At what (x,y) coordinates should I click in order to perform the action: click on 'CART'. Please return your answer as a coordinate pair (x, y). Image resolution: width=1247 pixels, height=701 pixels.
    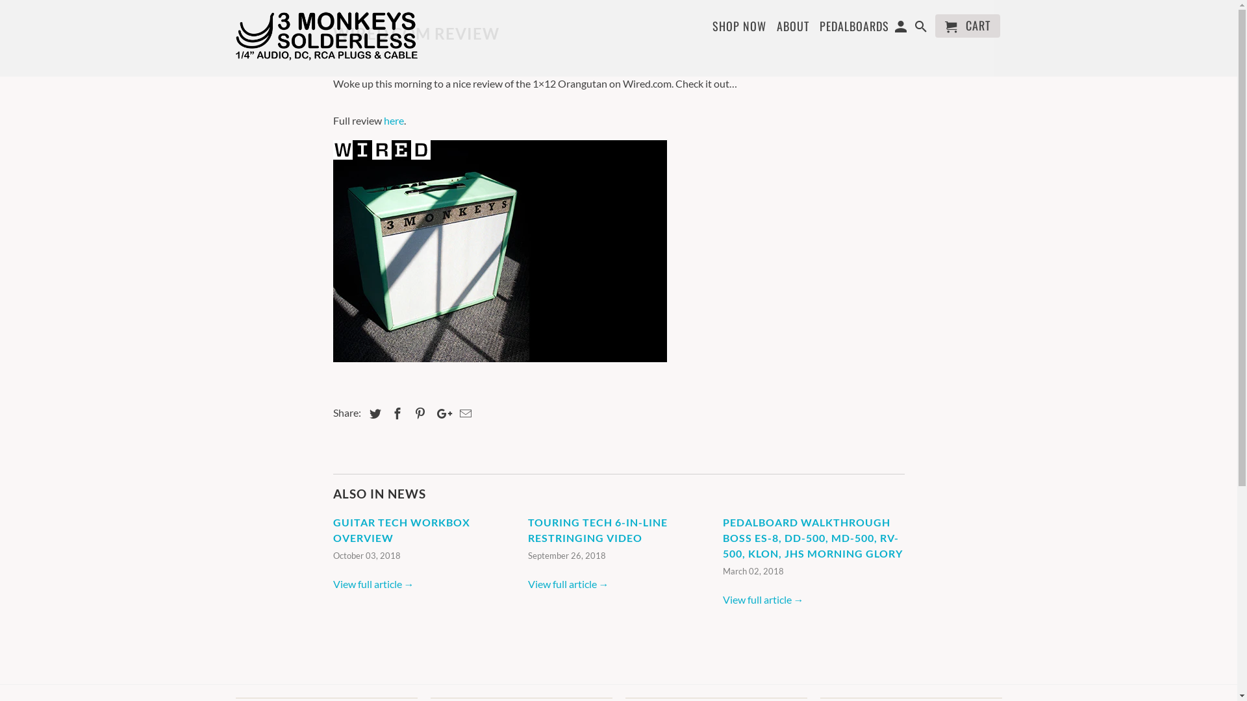
    Looking at the image, I should click on (967, 25).